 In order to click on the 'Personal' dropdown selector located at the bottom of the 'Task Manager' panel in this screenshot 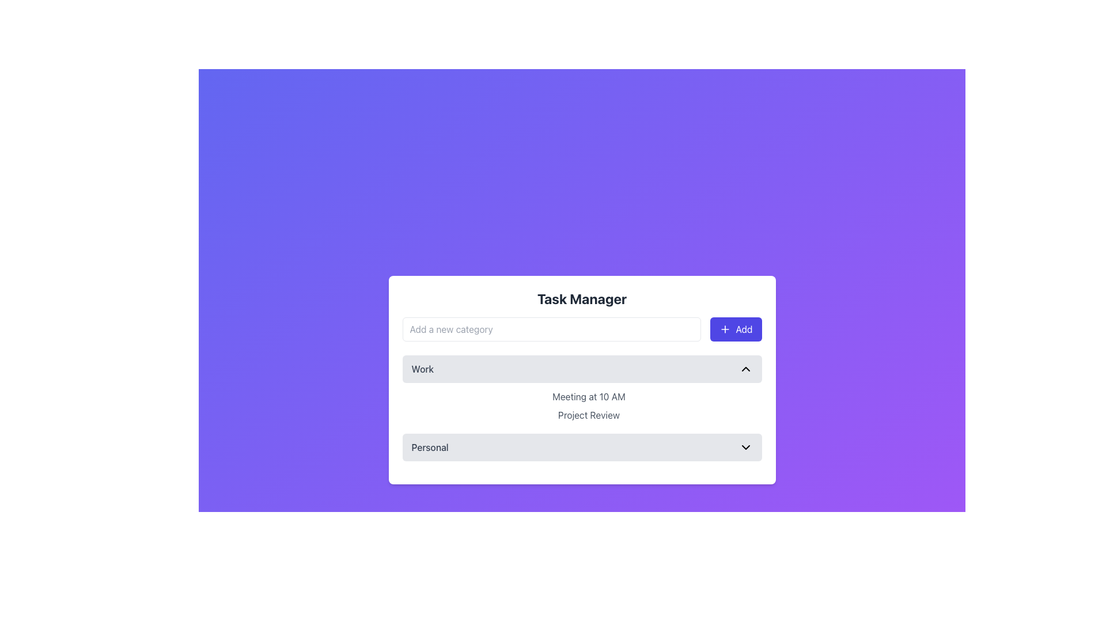, I will do `click(582, 446)`.